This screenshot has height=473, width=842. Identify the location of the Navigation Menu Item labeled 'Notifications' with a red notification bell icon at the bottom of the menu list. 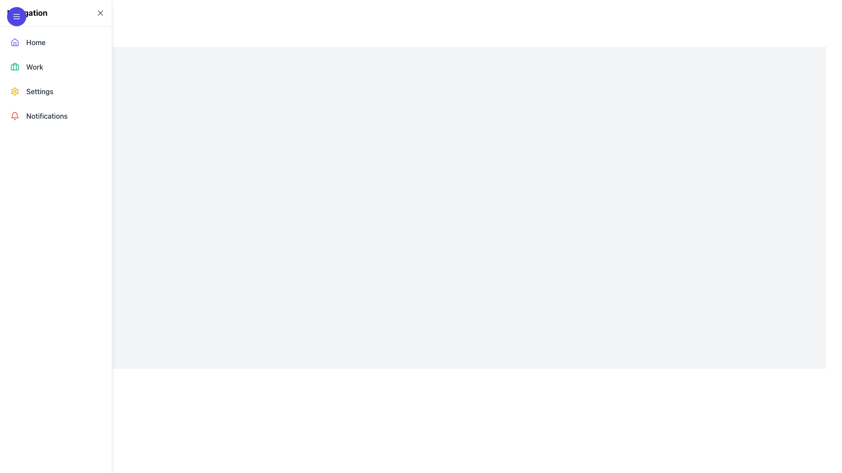
(55, 116).